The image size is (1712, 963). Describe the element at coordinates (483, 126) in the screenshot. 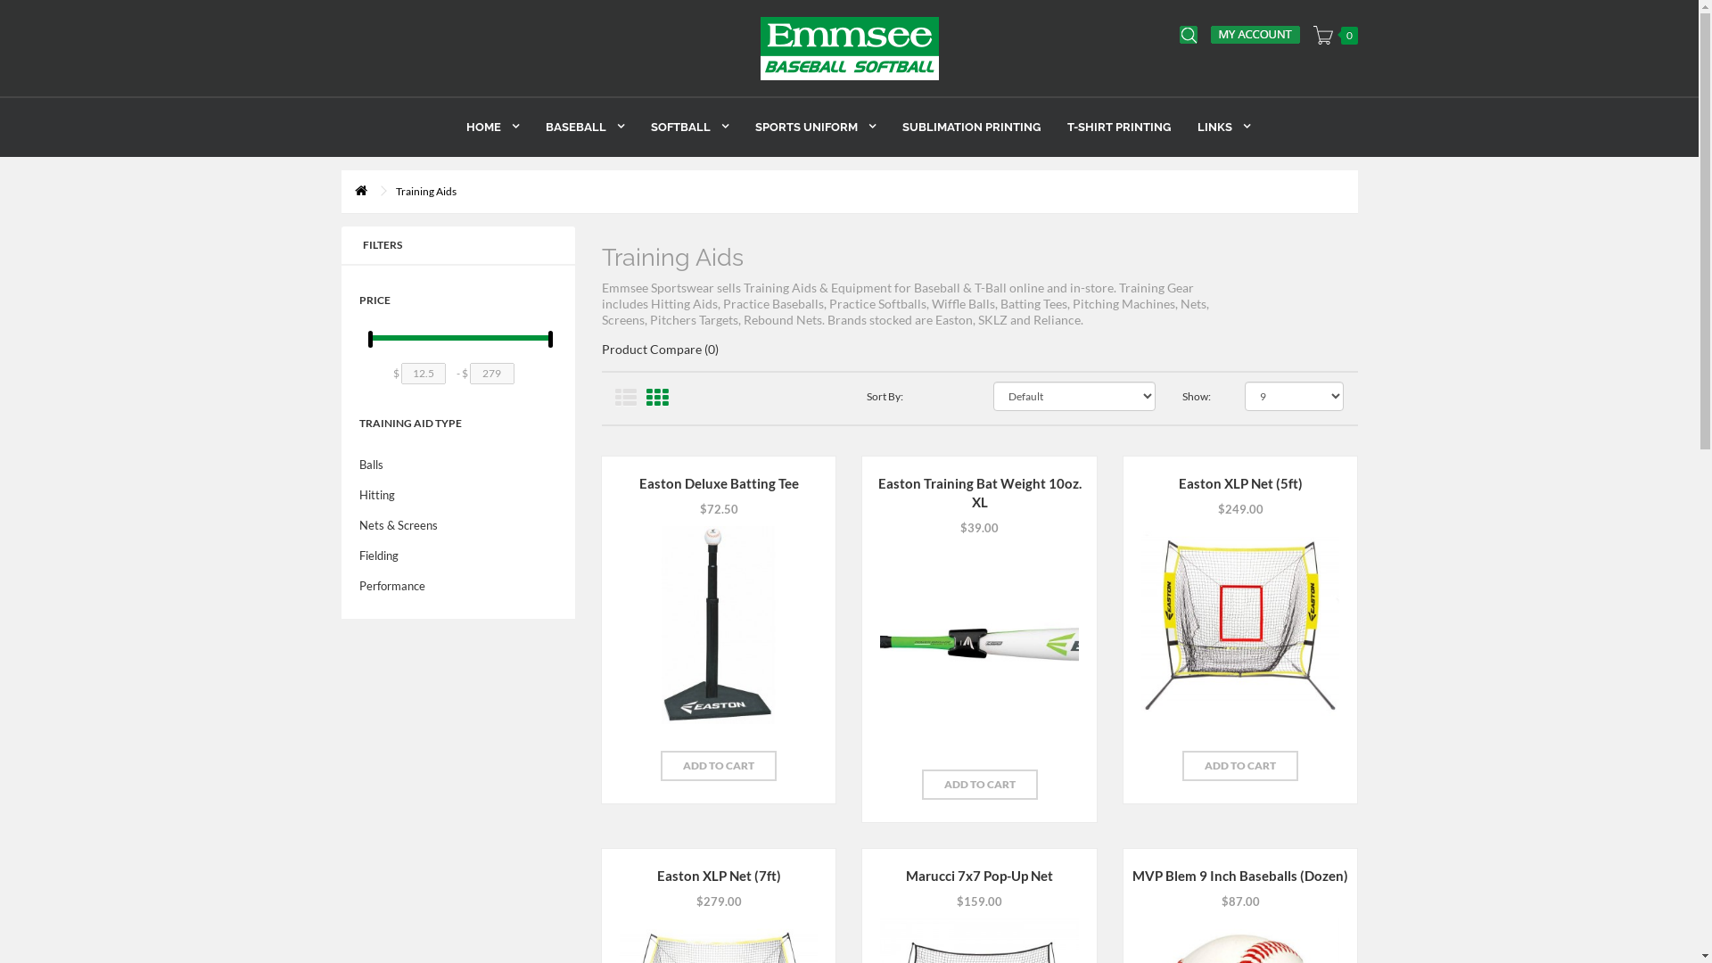

I see `'HOME'` at that location.